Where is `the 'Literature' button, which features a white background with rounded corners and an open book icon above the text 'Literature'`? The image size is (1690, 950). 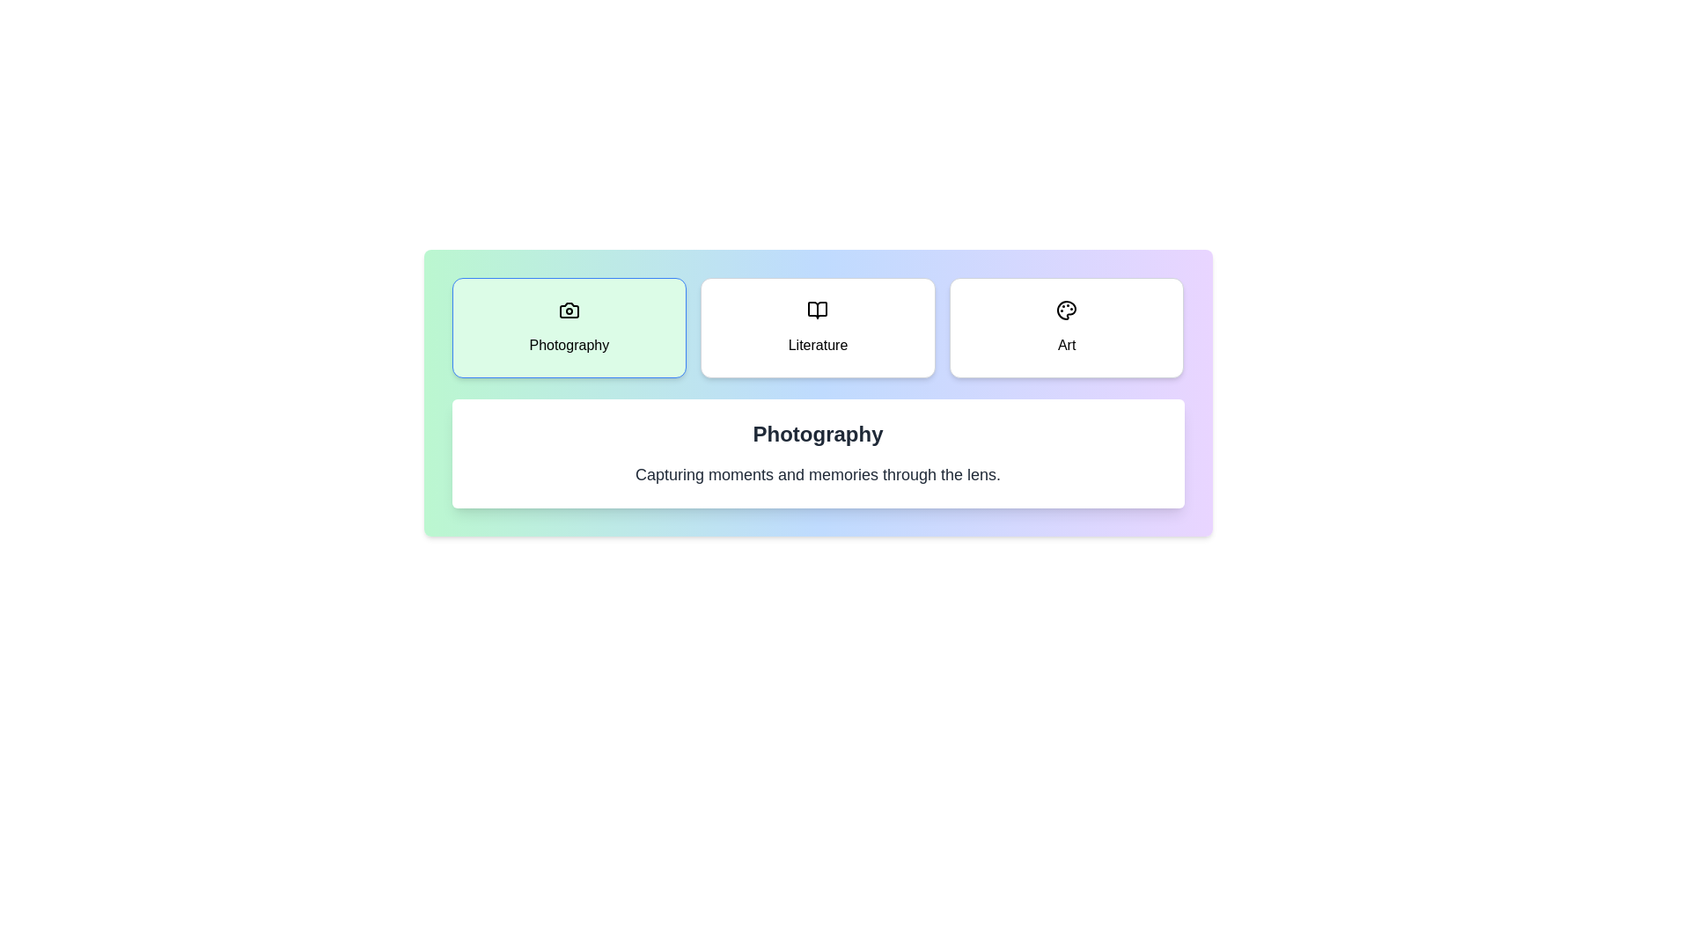 the 'Literature' button, which features a white background with rounded corners and an open book icon above the text 'Literature' is located at coordinates (817, 328).